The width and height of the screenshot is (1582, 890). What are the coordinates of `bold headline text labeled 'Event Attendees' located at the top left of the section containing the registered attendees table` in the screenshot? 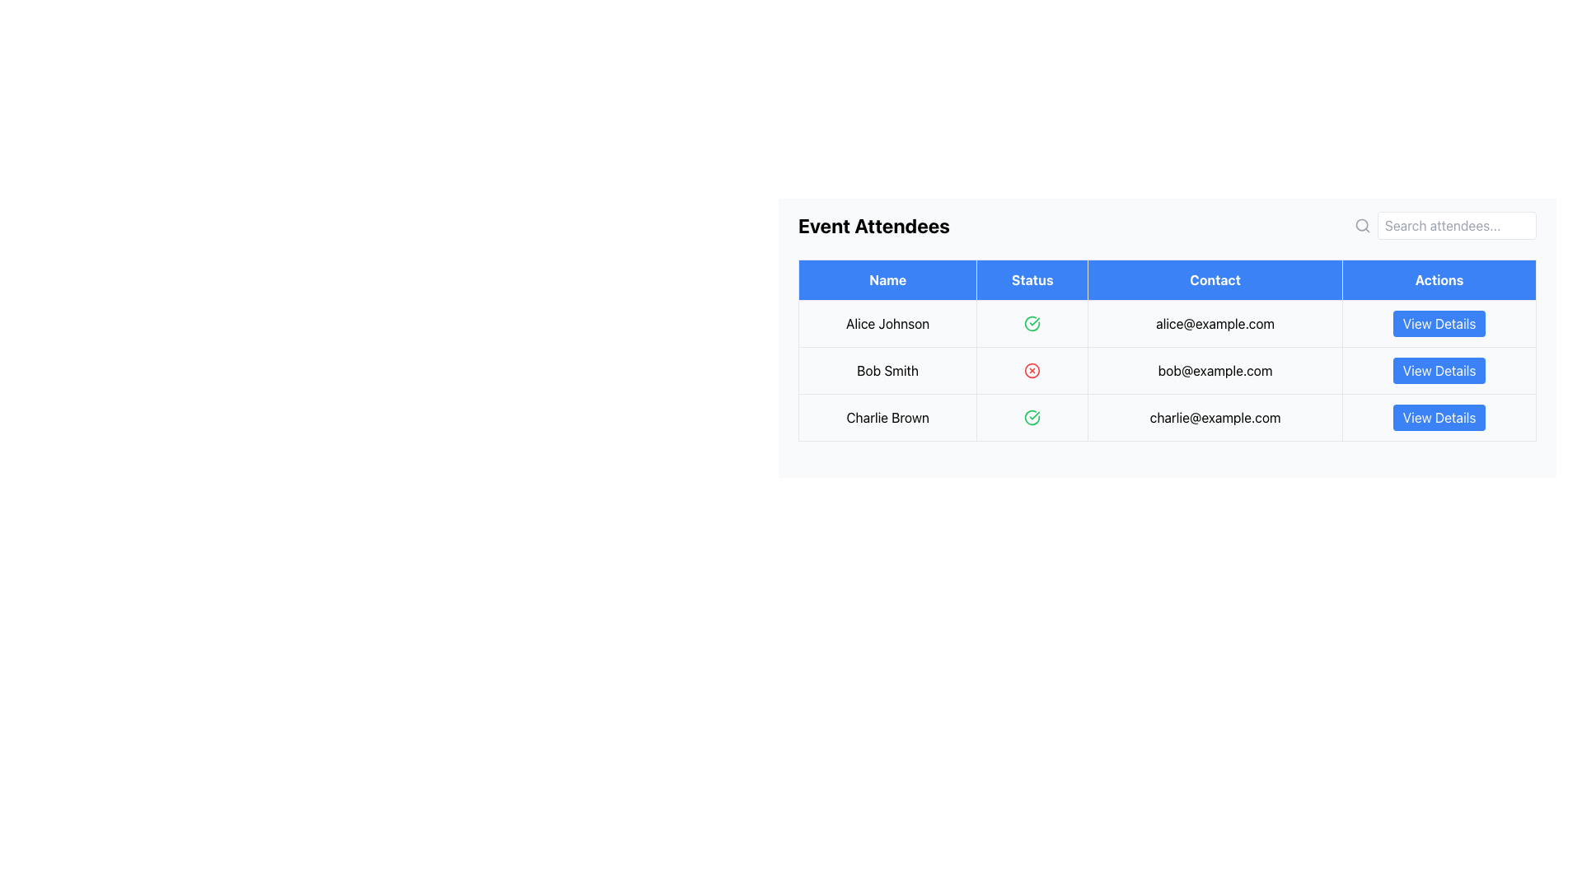 It's located at (873, 225).